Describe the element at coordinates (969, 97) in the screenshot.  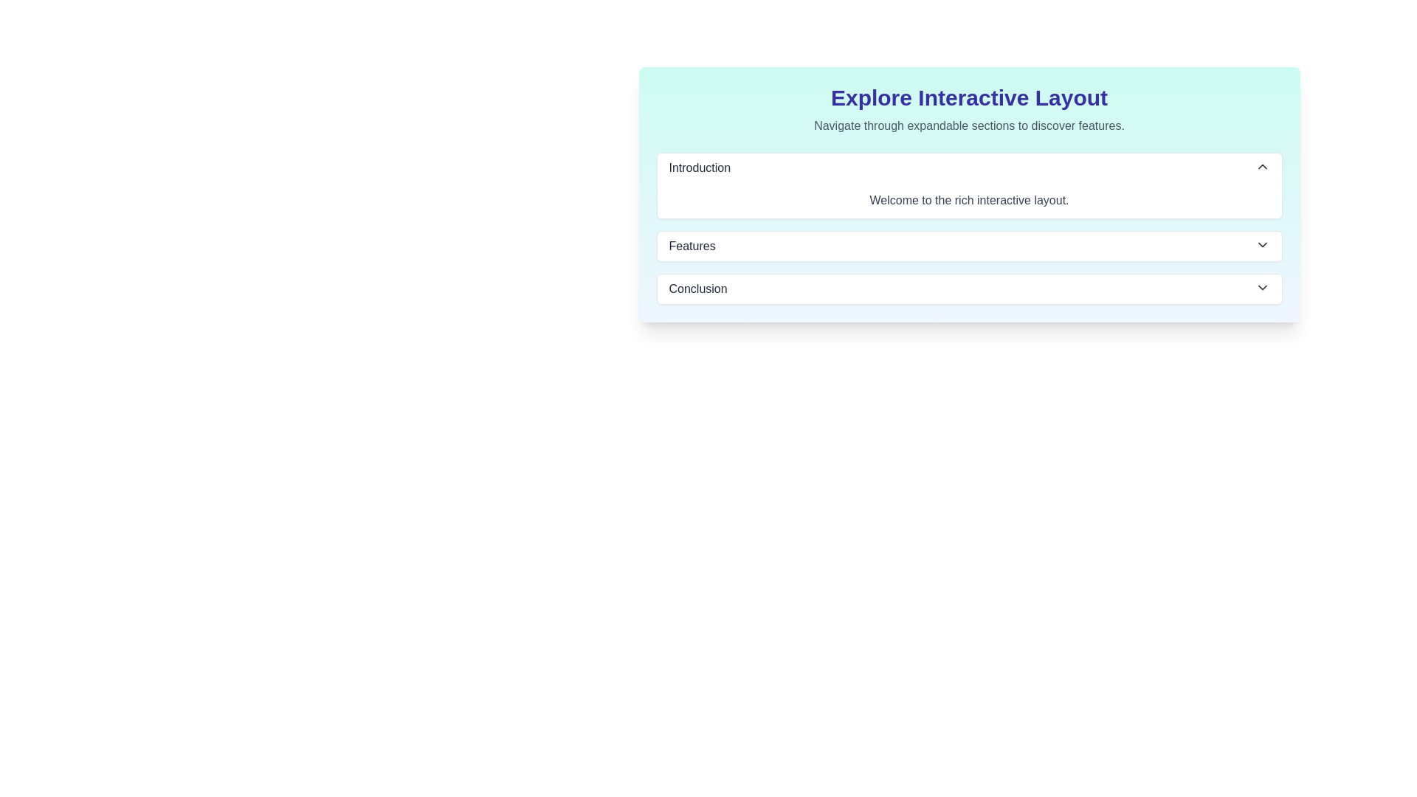
I see `the header text element displaying 'Explore Interactive Layout', which is prominently styled in bold indigo on a light cyan background, located at the top-center of its section` at that location.